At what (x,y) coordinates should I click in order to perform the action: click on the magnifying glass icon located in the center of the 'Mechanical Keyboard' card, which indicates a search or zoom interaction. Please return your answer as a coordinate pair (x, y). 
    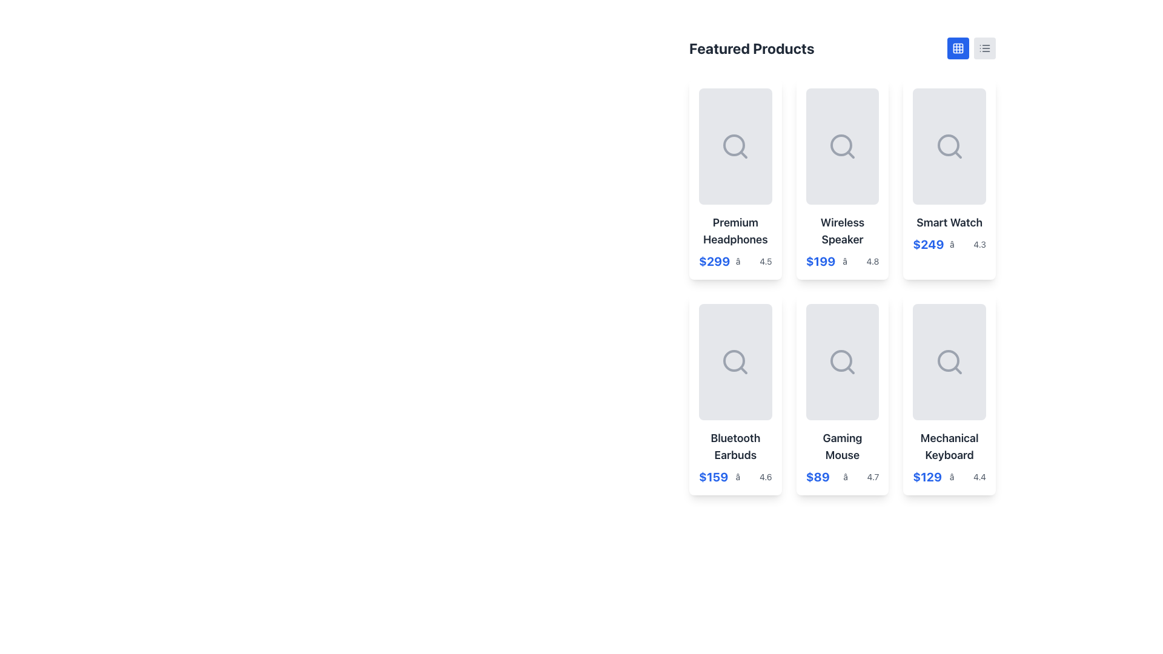
    Looking at the image, I should click on (949, 361).